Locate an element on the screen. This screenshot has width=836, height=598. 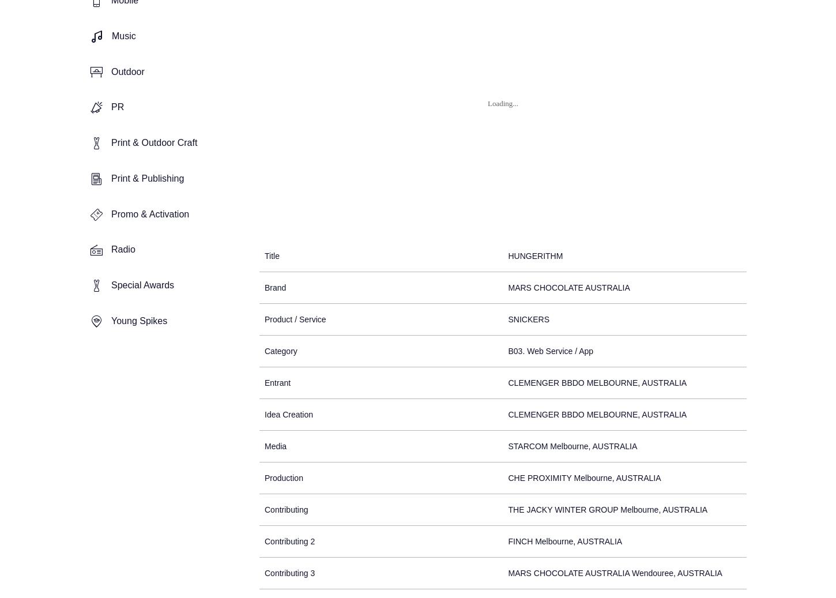
'Special Awards' is located at coordinates (142, 284).